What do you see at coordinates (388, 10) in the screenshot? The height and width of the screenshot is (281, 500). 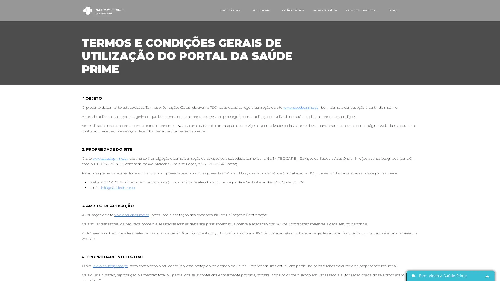 I see `blog` at bounding box center [388, 10].